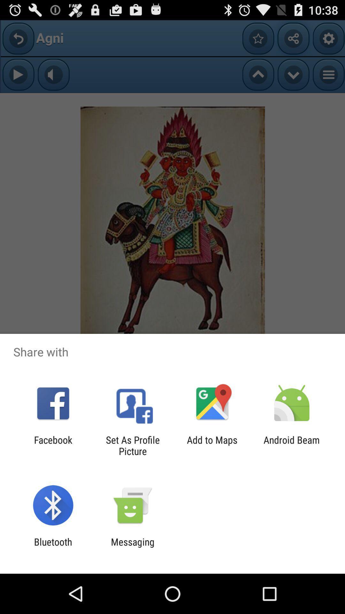 This screenshot has width=345, height=614. What do you see at coordinates (212, 445) in the screenshot?
I see `the app to the left of android beam` at bounding box center [212, 445].